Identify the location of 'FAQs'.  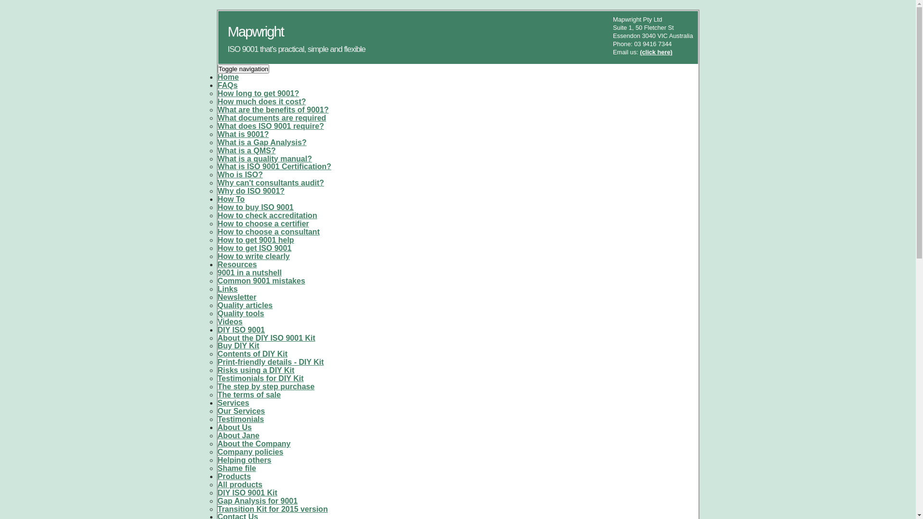
(227, 85).